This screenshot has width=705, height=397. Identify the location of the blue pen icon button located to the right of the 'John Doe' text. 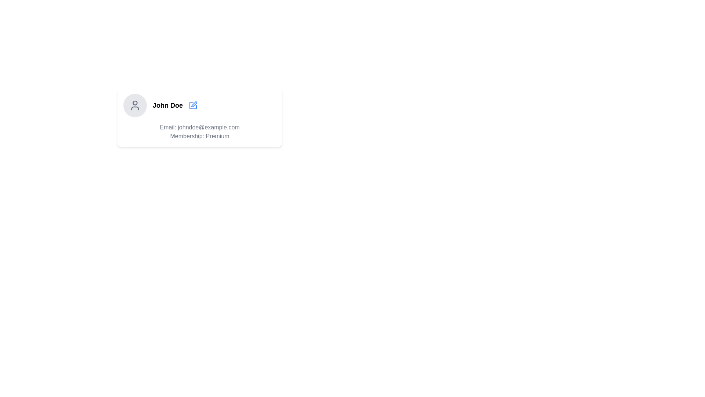
(193, 105).